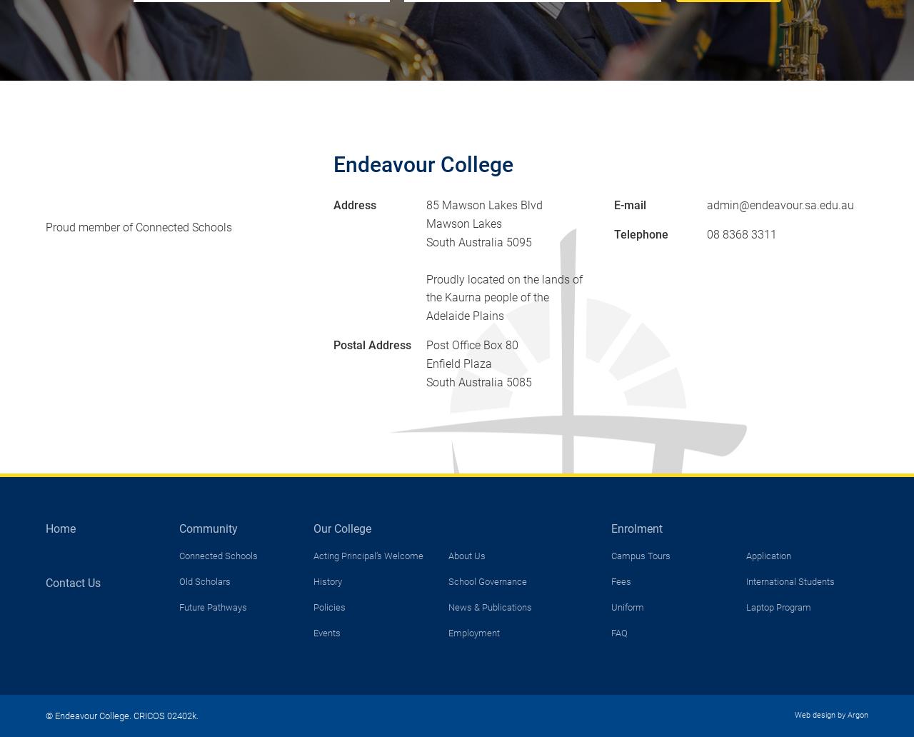 This screenshot has height=737, width=914. I want to click on '© Endeavour College. CRICOS 02402k.', so click(122, 714).